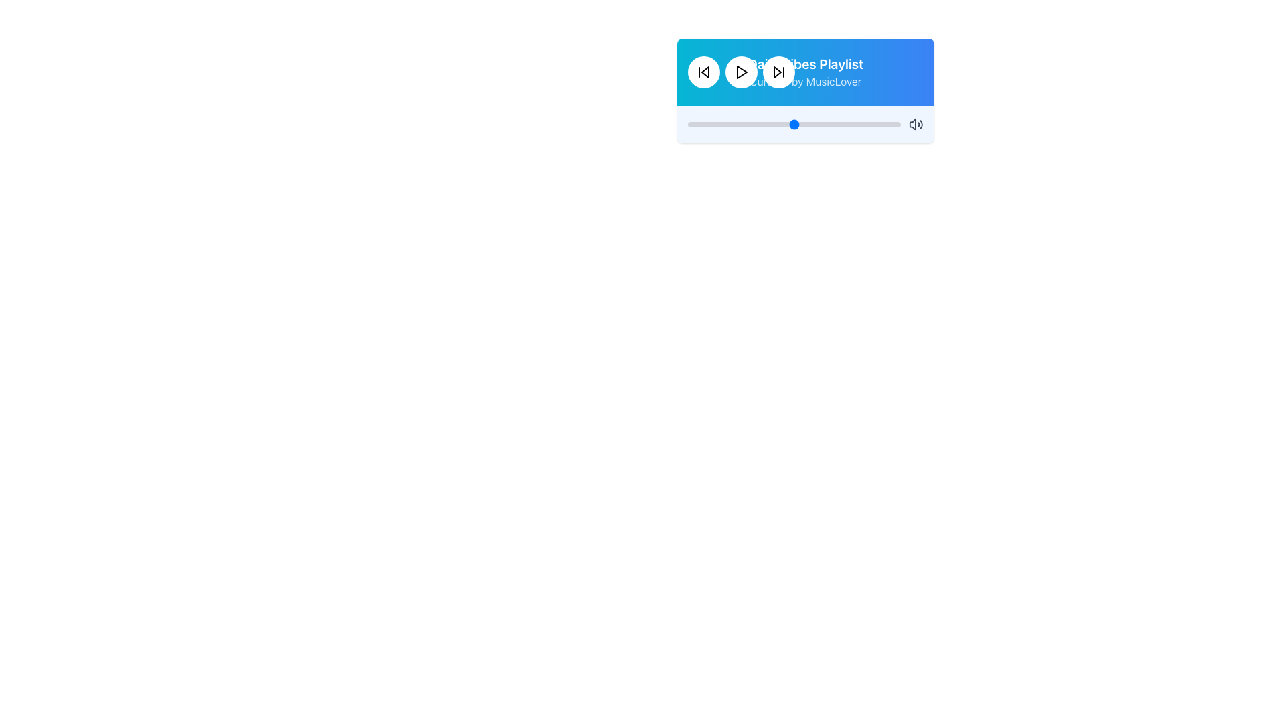  I want to click on the backward skip button, which is represented by a black outline of a left-pointing double arrow icon on a white circular background, located at the top-left corner of the media control section, so click(703, 72).